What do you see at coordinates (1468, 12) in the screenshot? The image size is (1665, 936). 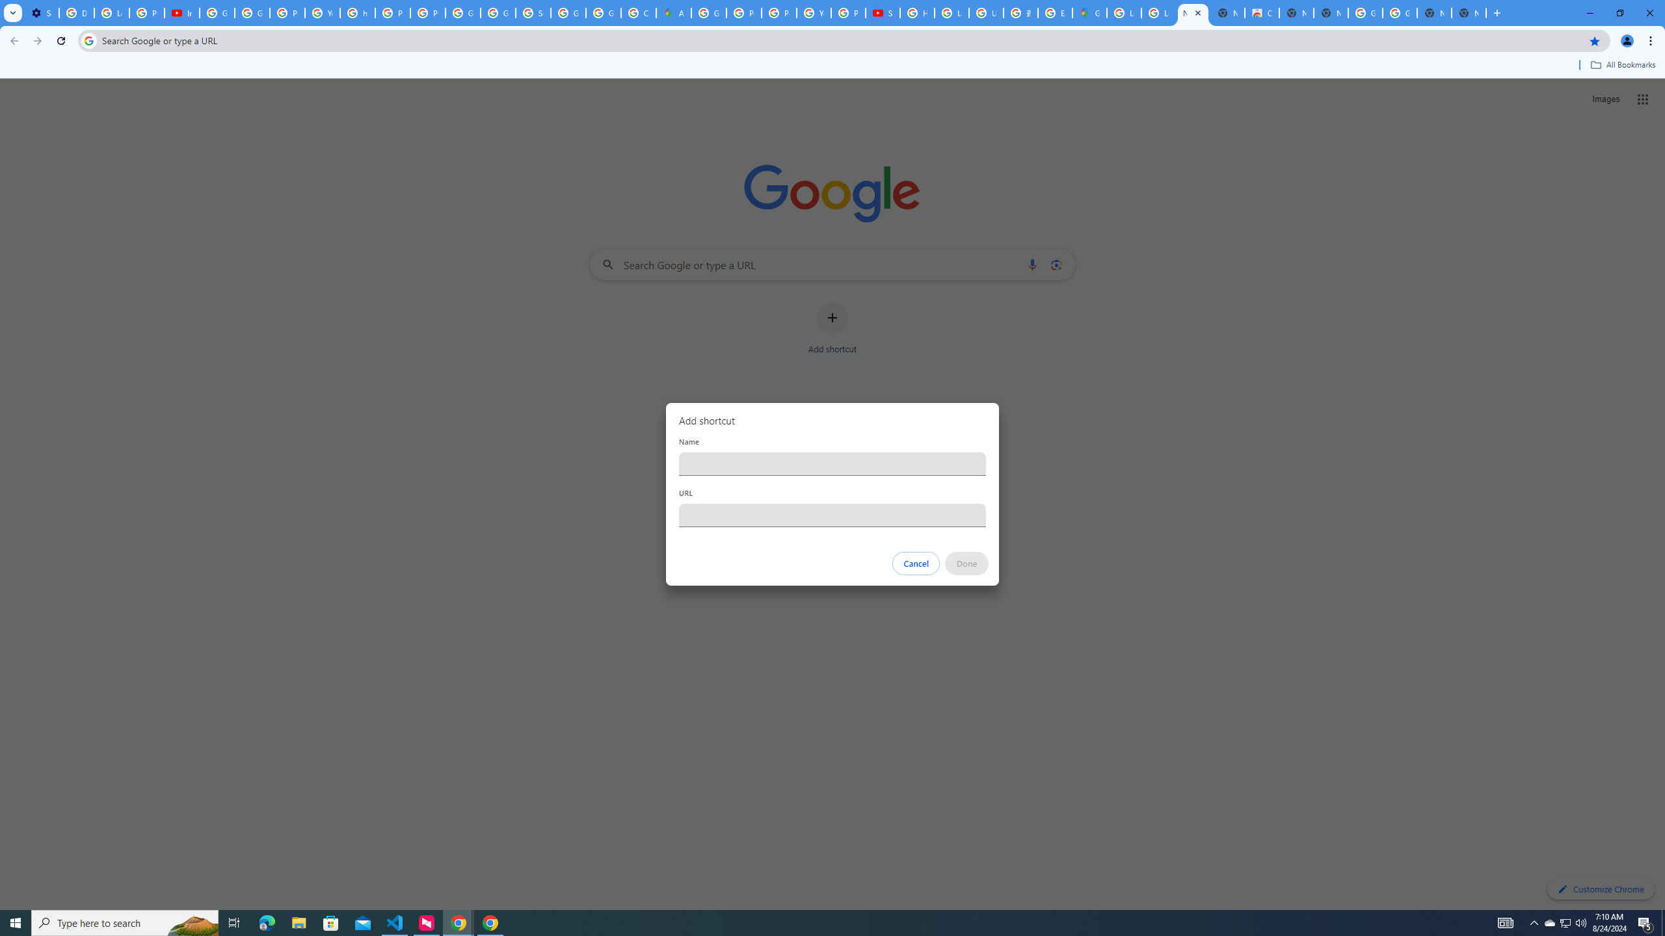 I see `'New Tab'` at bounding box center [1468, 12].